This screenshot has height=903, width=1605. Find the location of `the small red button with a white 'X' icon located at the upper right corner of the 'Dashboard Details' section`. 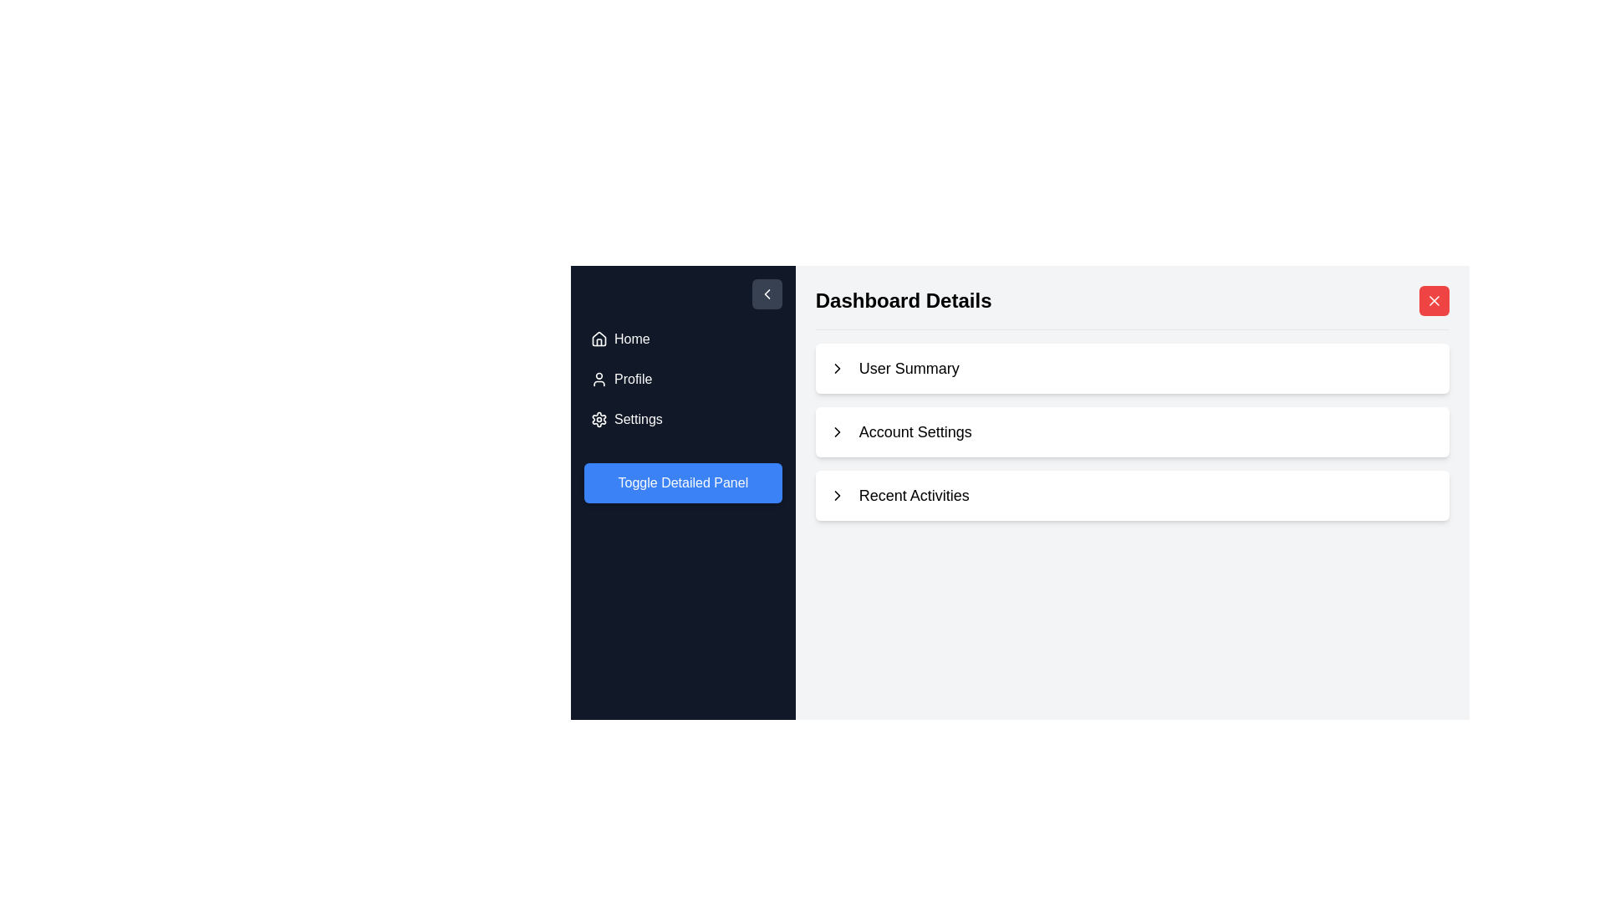

the small red button with a white 'X' icon located at the upper right corner of the 'Dashboard Details' section is located at coordinates (1434, 299).